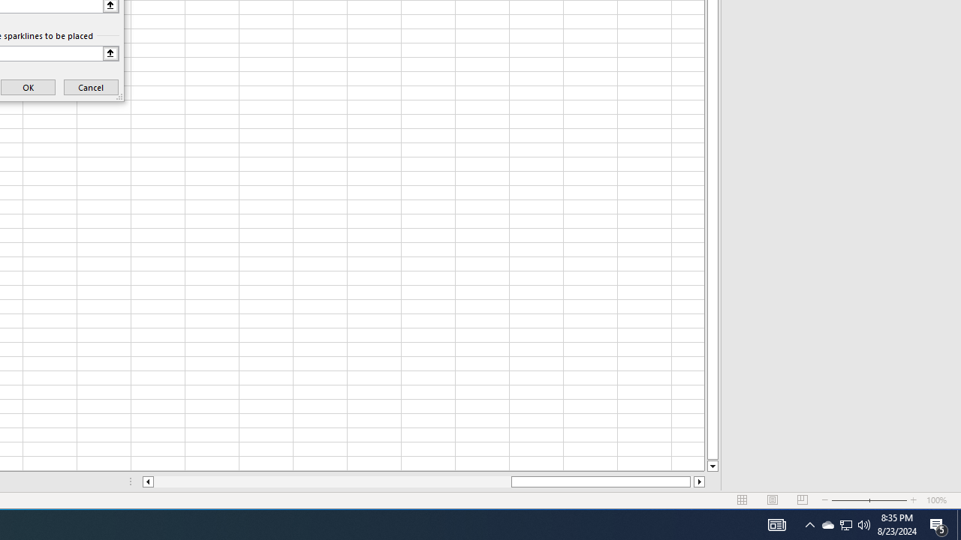 The image size is (961, 540). Describe the element at coordinates (712, 466) in the screenshot. I see `'Line down'` at that location.